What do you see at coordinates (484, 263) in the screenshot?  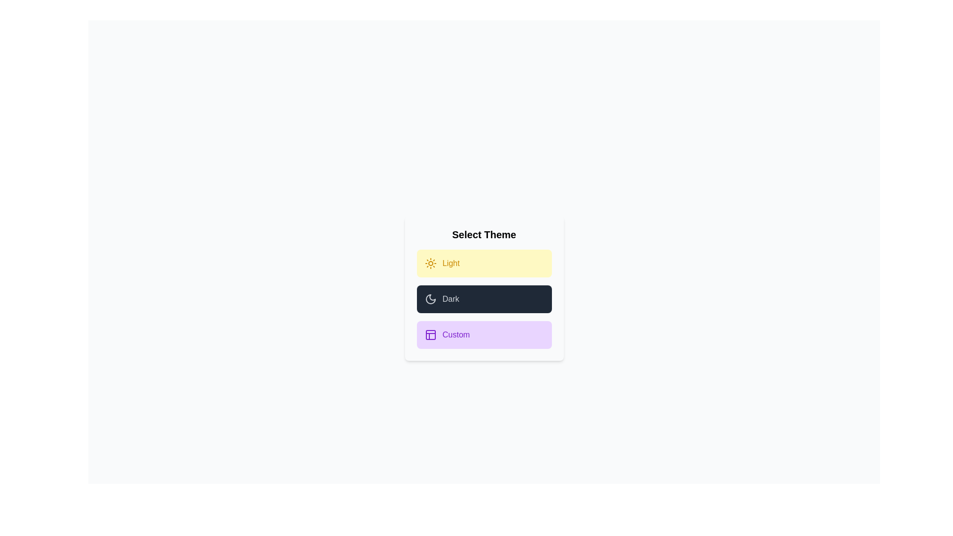 I see `the 'Light' button in the vertical theme selection menu` at bounding box center [484, 263].